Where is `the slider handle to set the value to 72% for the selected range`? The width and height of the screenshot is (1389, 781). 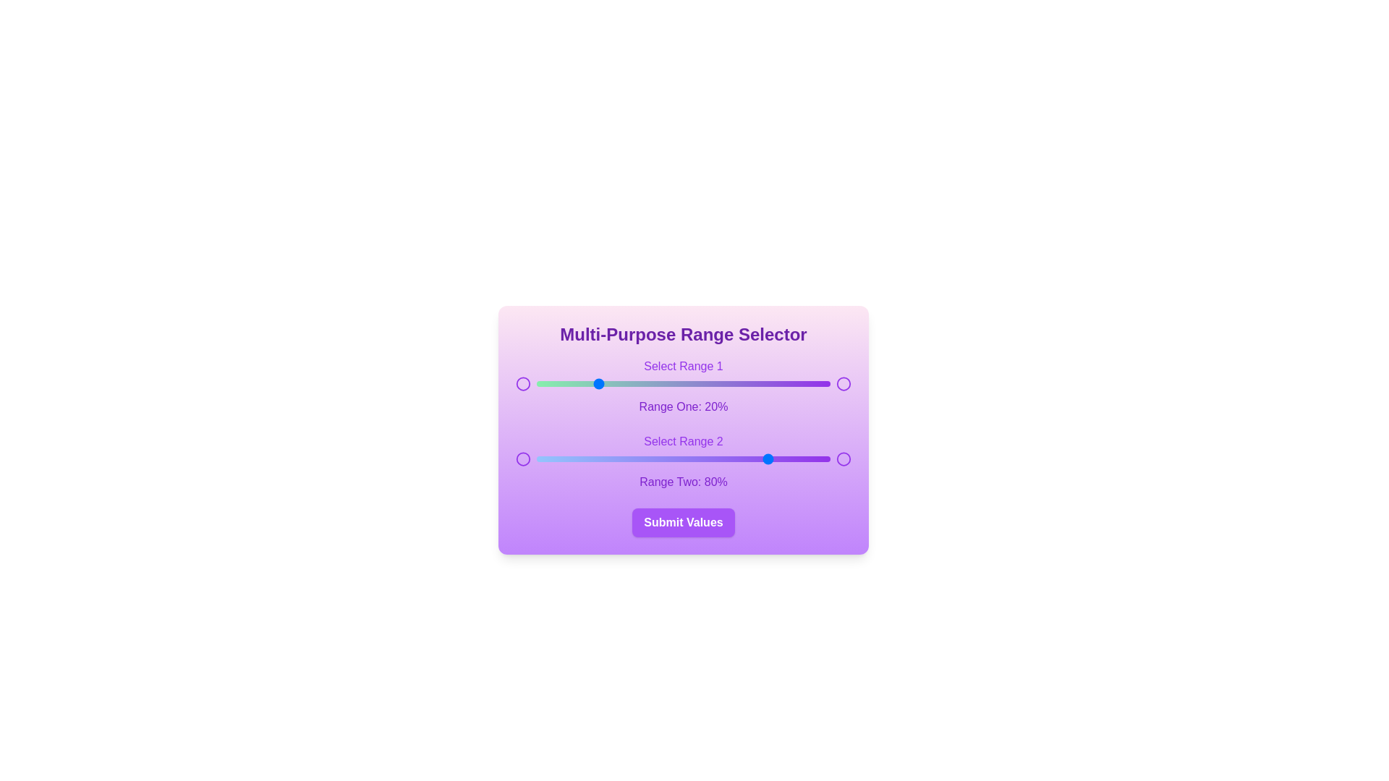
the slider handle to set the value to 72% for the selected range is located at coordinates (748, 383).